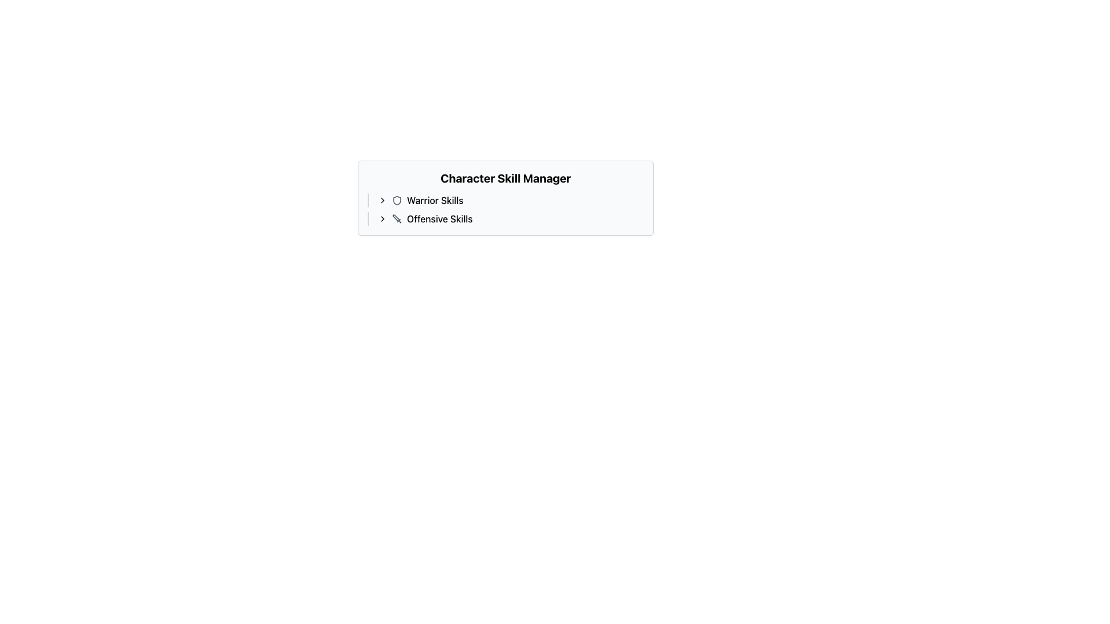 This screenshot has height=624, width=1110. What do you see at coordinates (505, 209) in the screenshot?
I see `the 'Warrior Skills' or 'Offensive Skills' item` at bounding box center [505, 209].